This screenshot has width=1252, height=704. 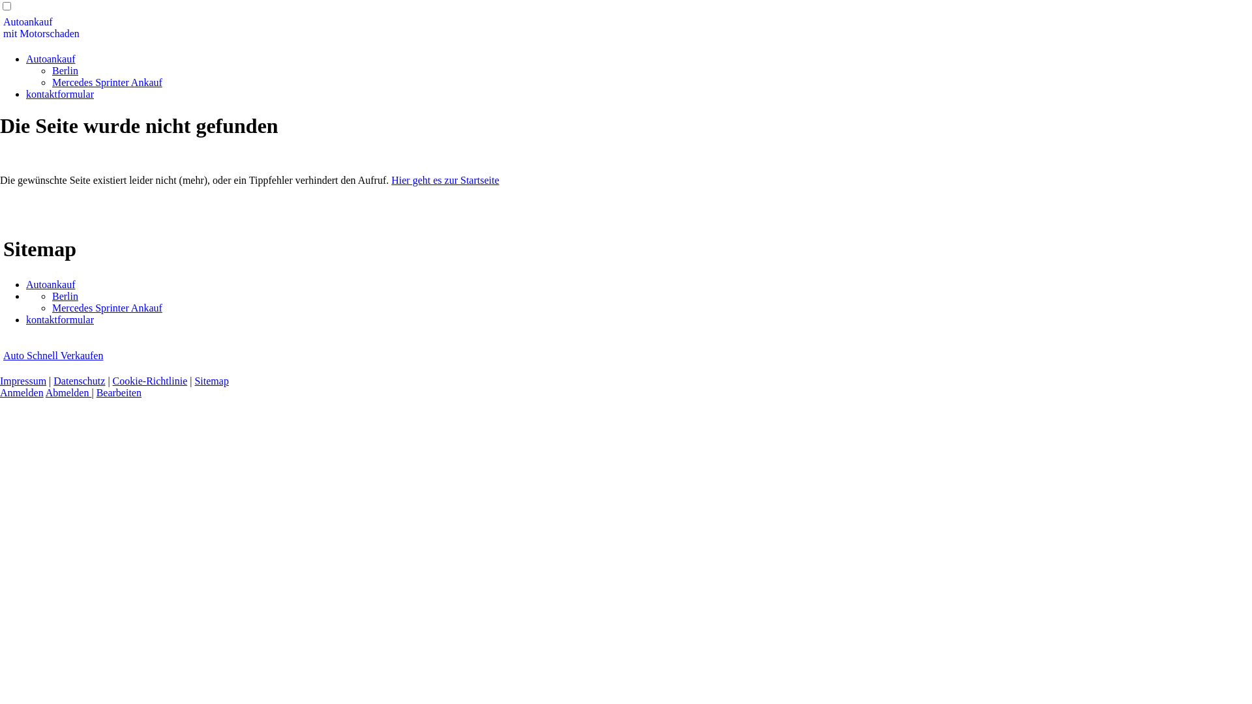 What do you see at coordinates (50, 59) in the screenshot?
I see `'Autoankauf'` at bounding box center [50, 59].